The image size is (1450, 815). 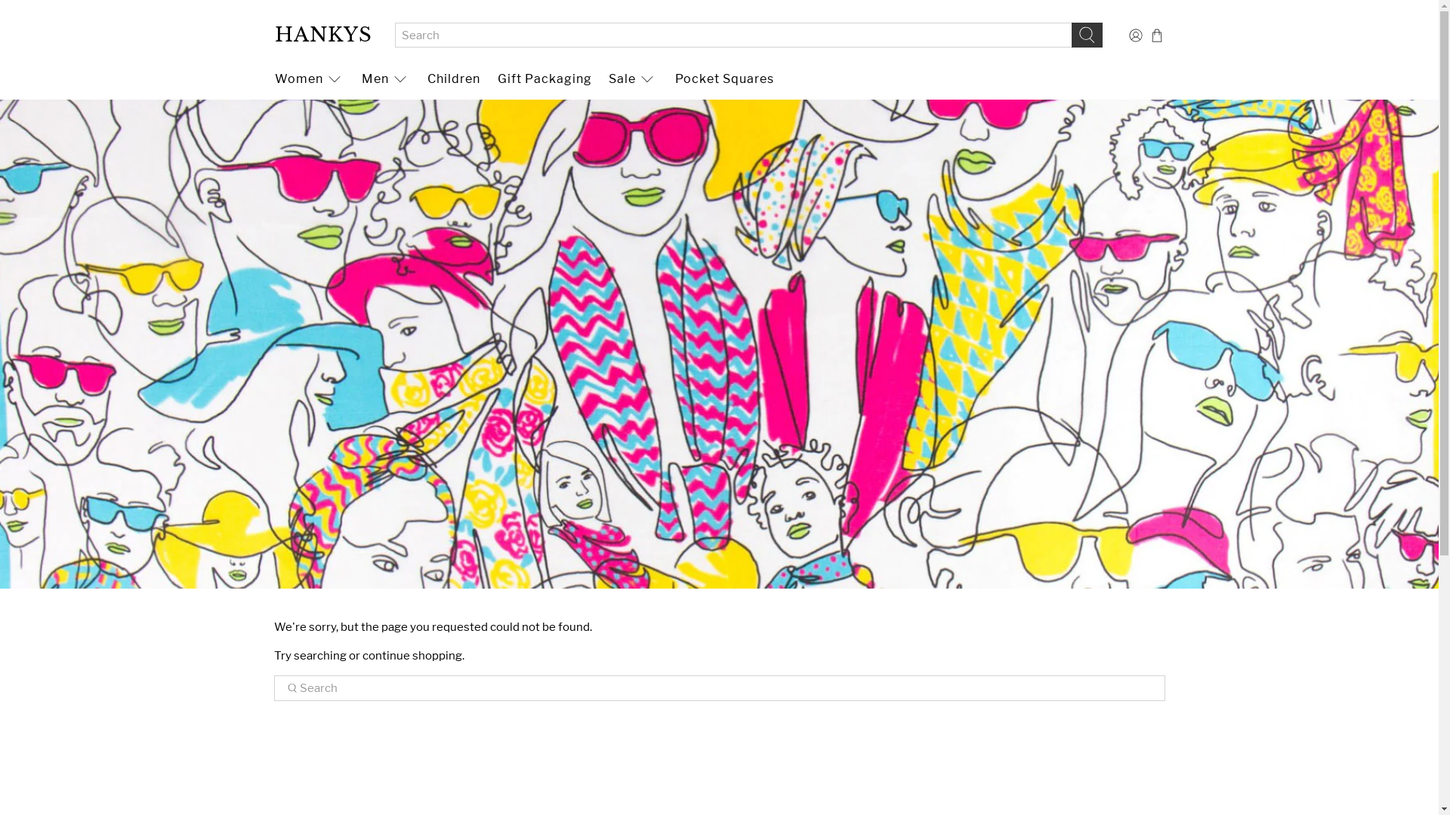 I want to click on 'Gift Packaging', so click(x=544, y=78).